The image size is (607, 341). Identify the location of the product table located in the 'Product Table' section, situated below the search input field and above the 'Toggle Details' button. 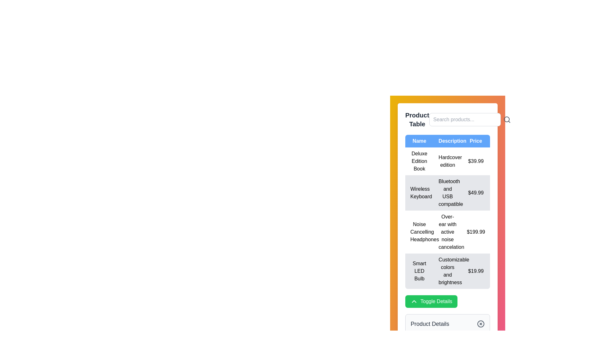
(447, 212).